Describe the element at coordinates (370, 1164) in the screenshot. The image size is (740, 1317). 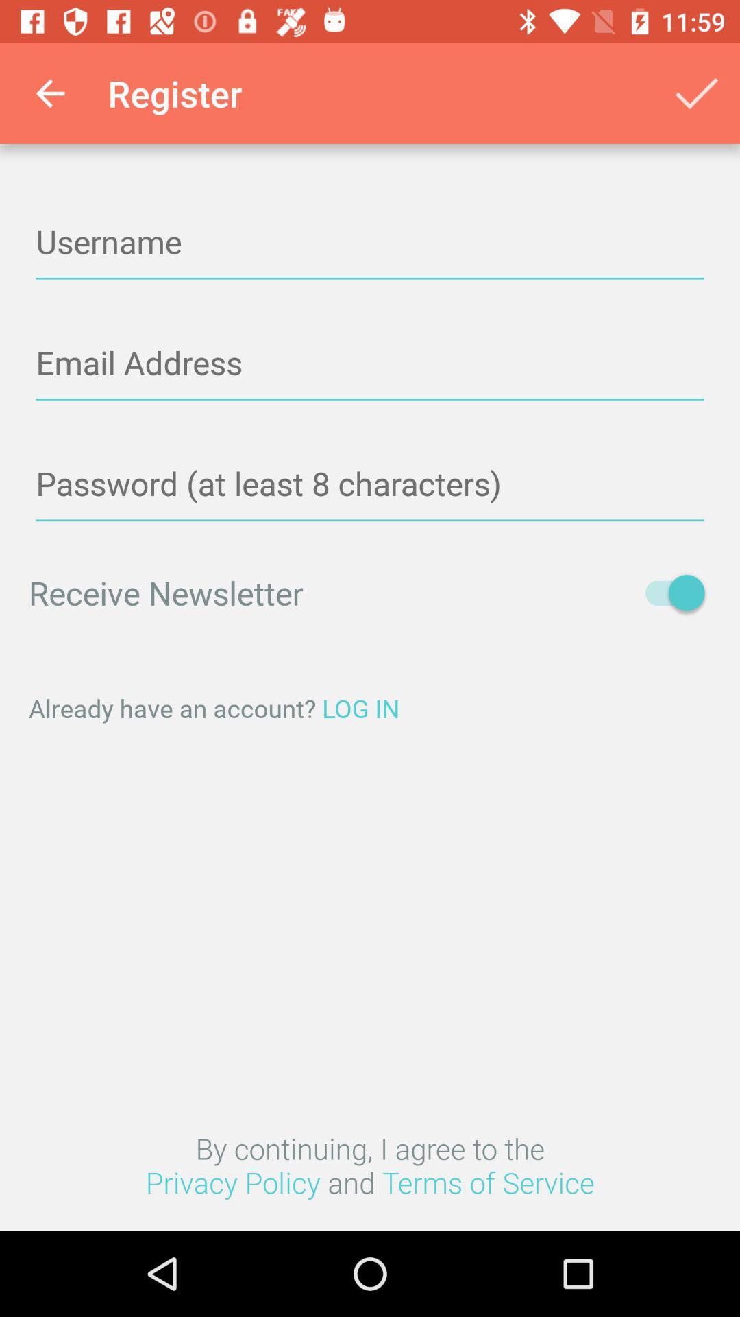
I see `the by continuing i icon` at that location.